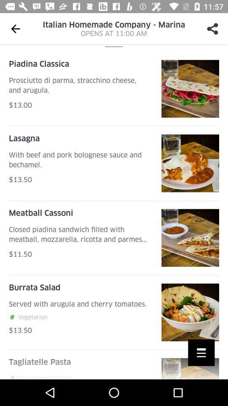 This screenshot has height=406, width=228. I want to click on first image from top, so click(190, 88).